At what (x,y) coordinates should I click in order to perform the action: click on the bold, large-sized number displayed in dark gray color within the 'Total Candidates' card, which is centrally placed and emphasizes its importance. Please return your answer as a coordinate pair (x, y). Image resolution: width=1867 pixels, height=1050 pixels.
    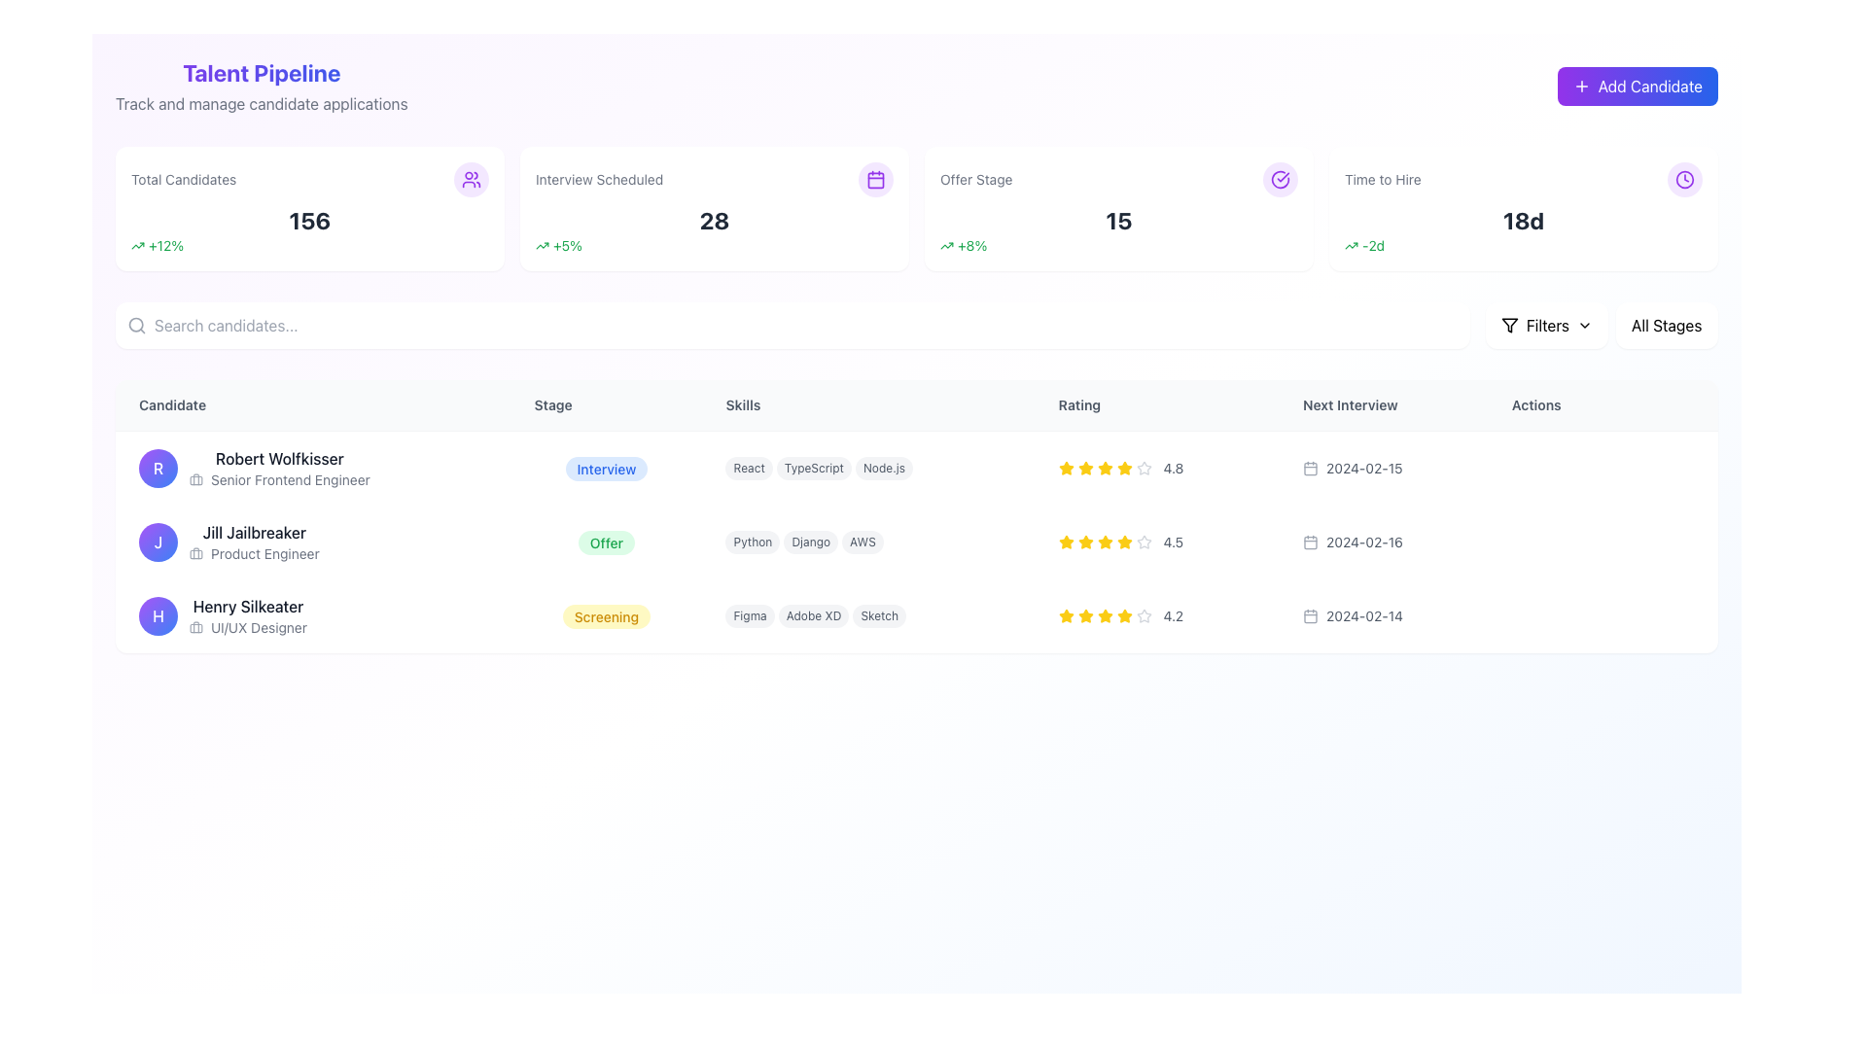
    Looking at the image, I should click on (308, 220).